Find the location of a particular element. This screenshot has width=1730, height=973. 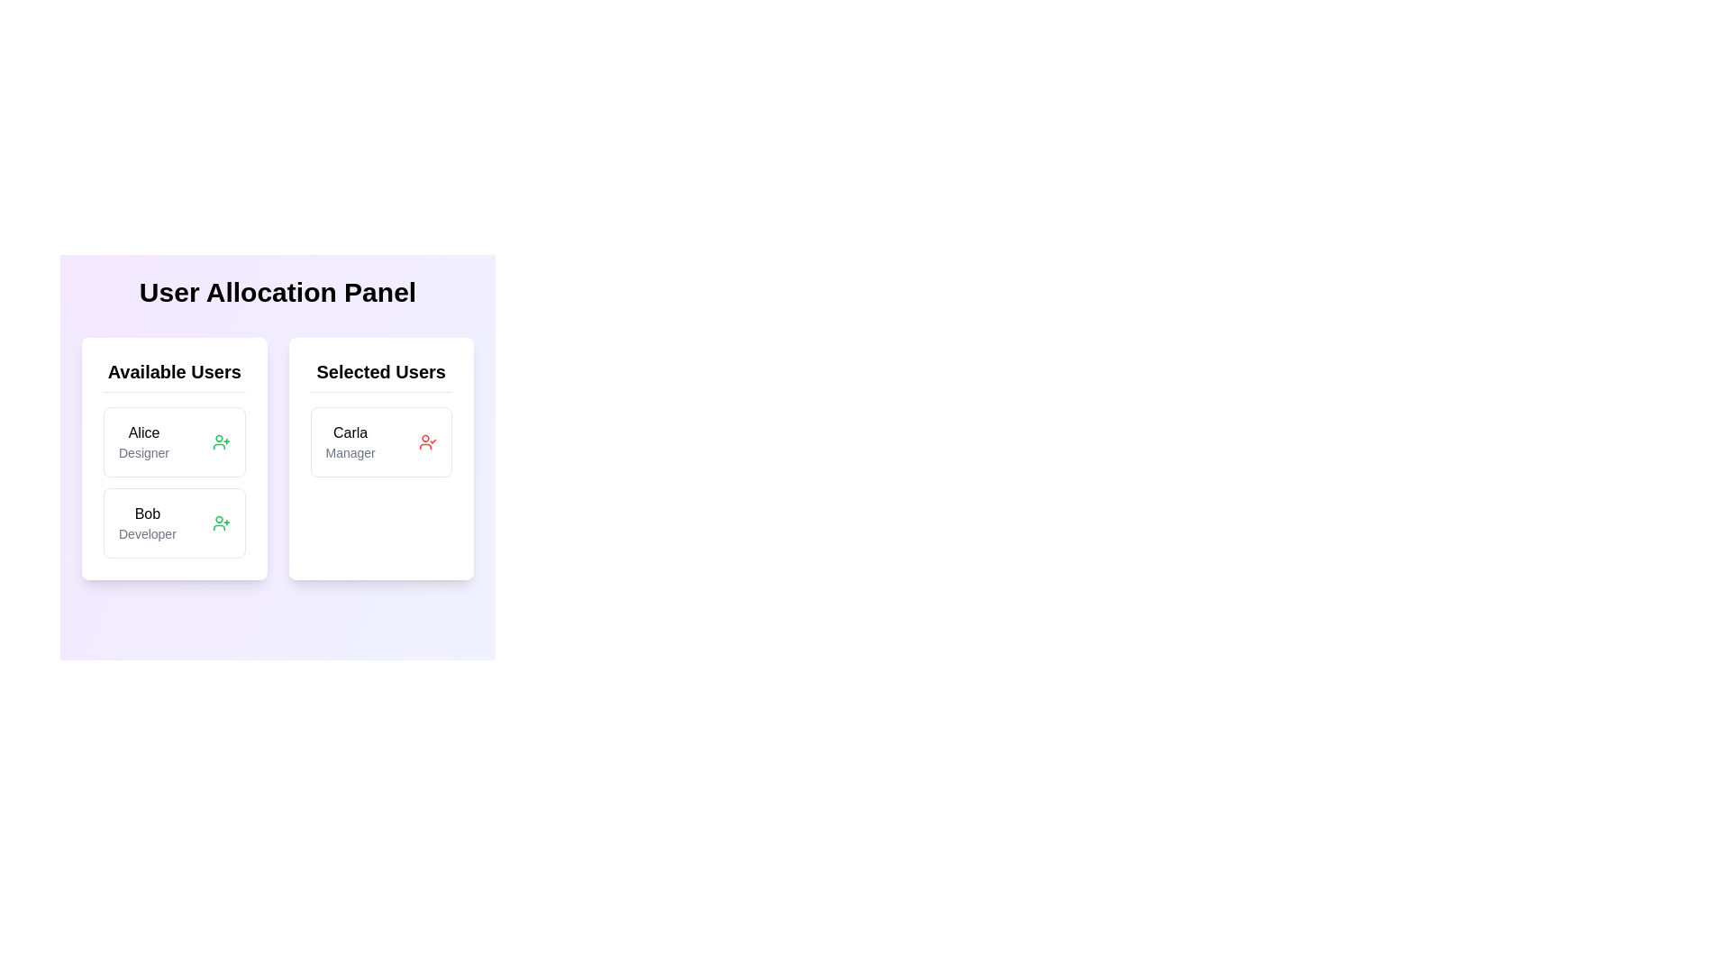

the Icon Button located next to 'Alice Designer' in the 'Available Users' section is located at coordinates (220, 441).